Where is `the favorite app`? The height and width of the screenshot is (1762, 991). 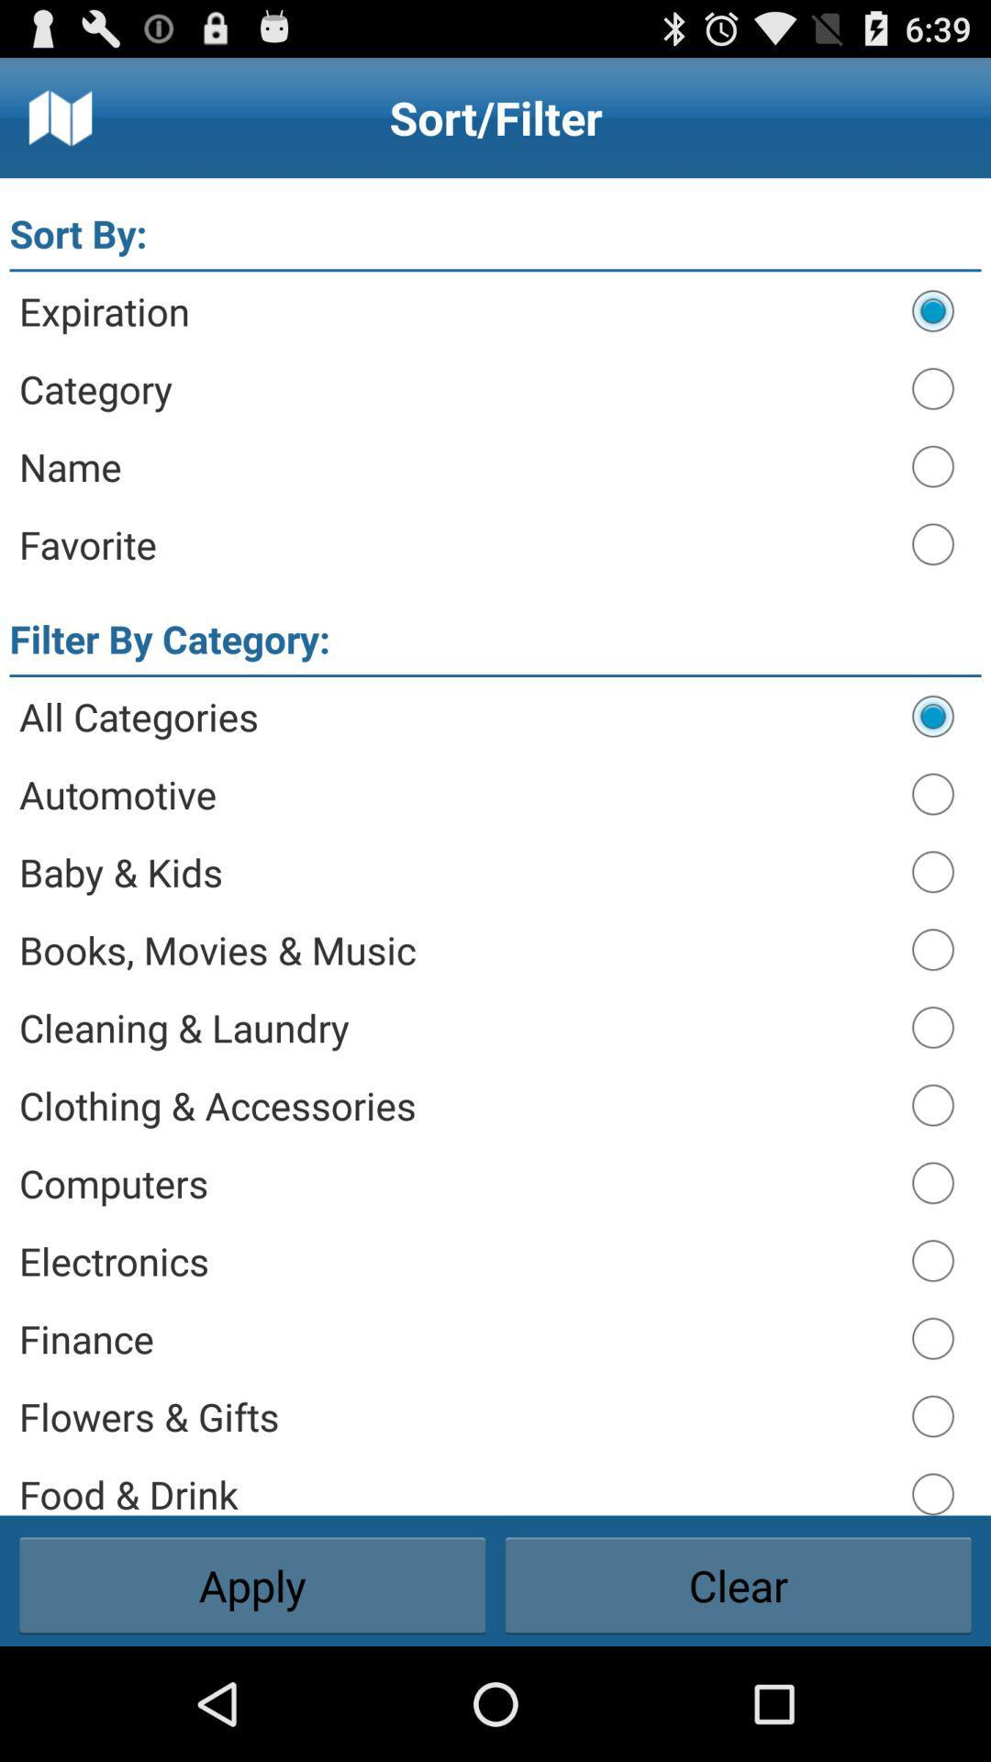 the favorite app is located at coordinates (455, 543).